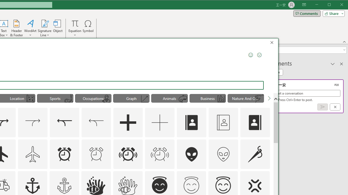 The width and height of the screenshot is (348, 195). Describe the element at coordinates (255, 154) in the screenshot. I see `'AutomationID: Icons_AlterationsTailoring'` at that location.